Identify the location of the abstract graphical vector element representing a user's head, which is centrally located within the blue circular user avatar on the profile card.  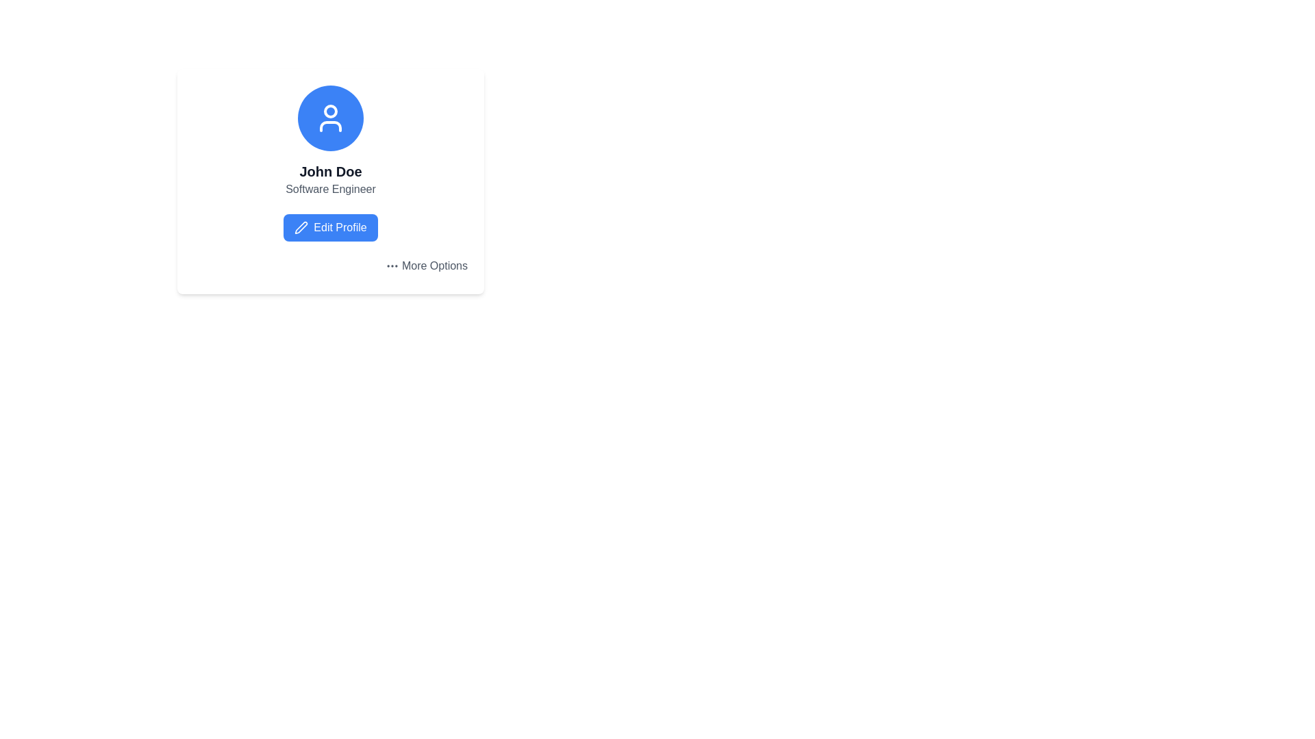
(331, 110).